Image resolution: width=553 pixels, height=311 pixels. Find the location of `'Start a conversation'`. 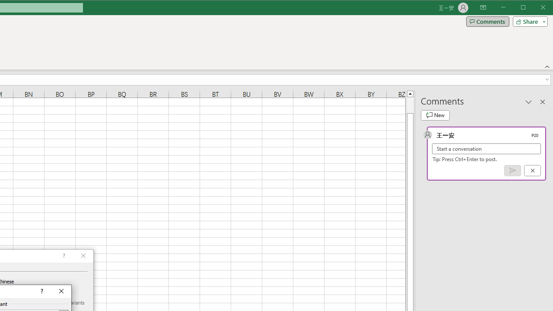

'Start a conversation' is located at coordinates (486, 148).